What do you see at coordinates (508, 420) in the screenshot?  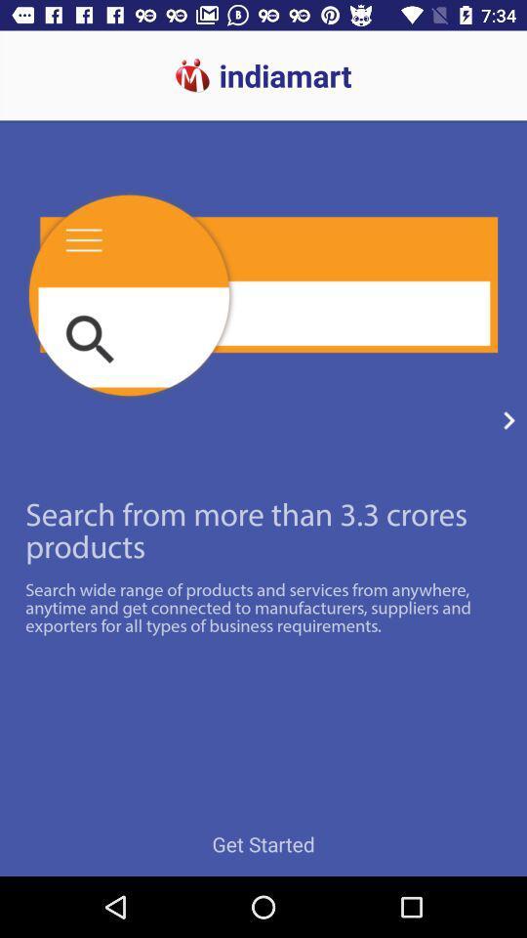 I see `next option` at bounding box center [508, 420].